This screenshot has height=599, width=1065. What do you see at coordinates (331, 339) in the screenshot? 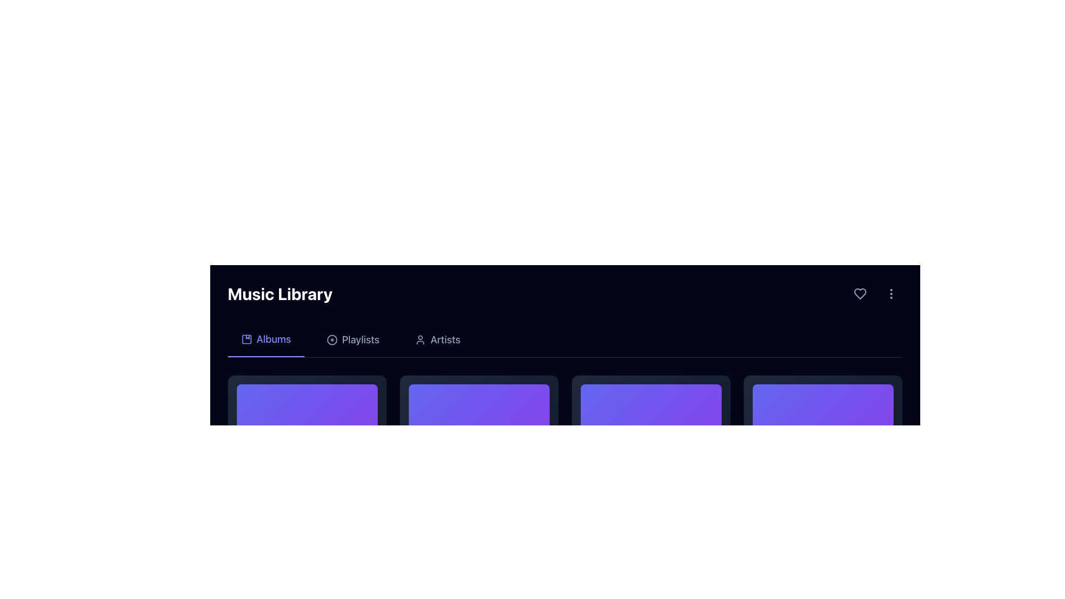
I see `the larger circular SVG graphic located in the bottom-right section of the main layout, which is part of a minimalistic icon design` at bounding box center [331, 339].